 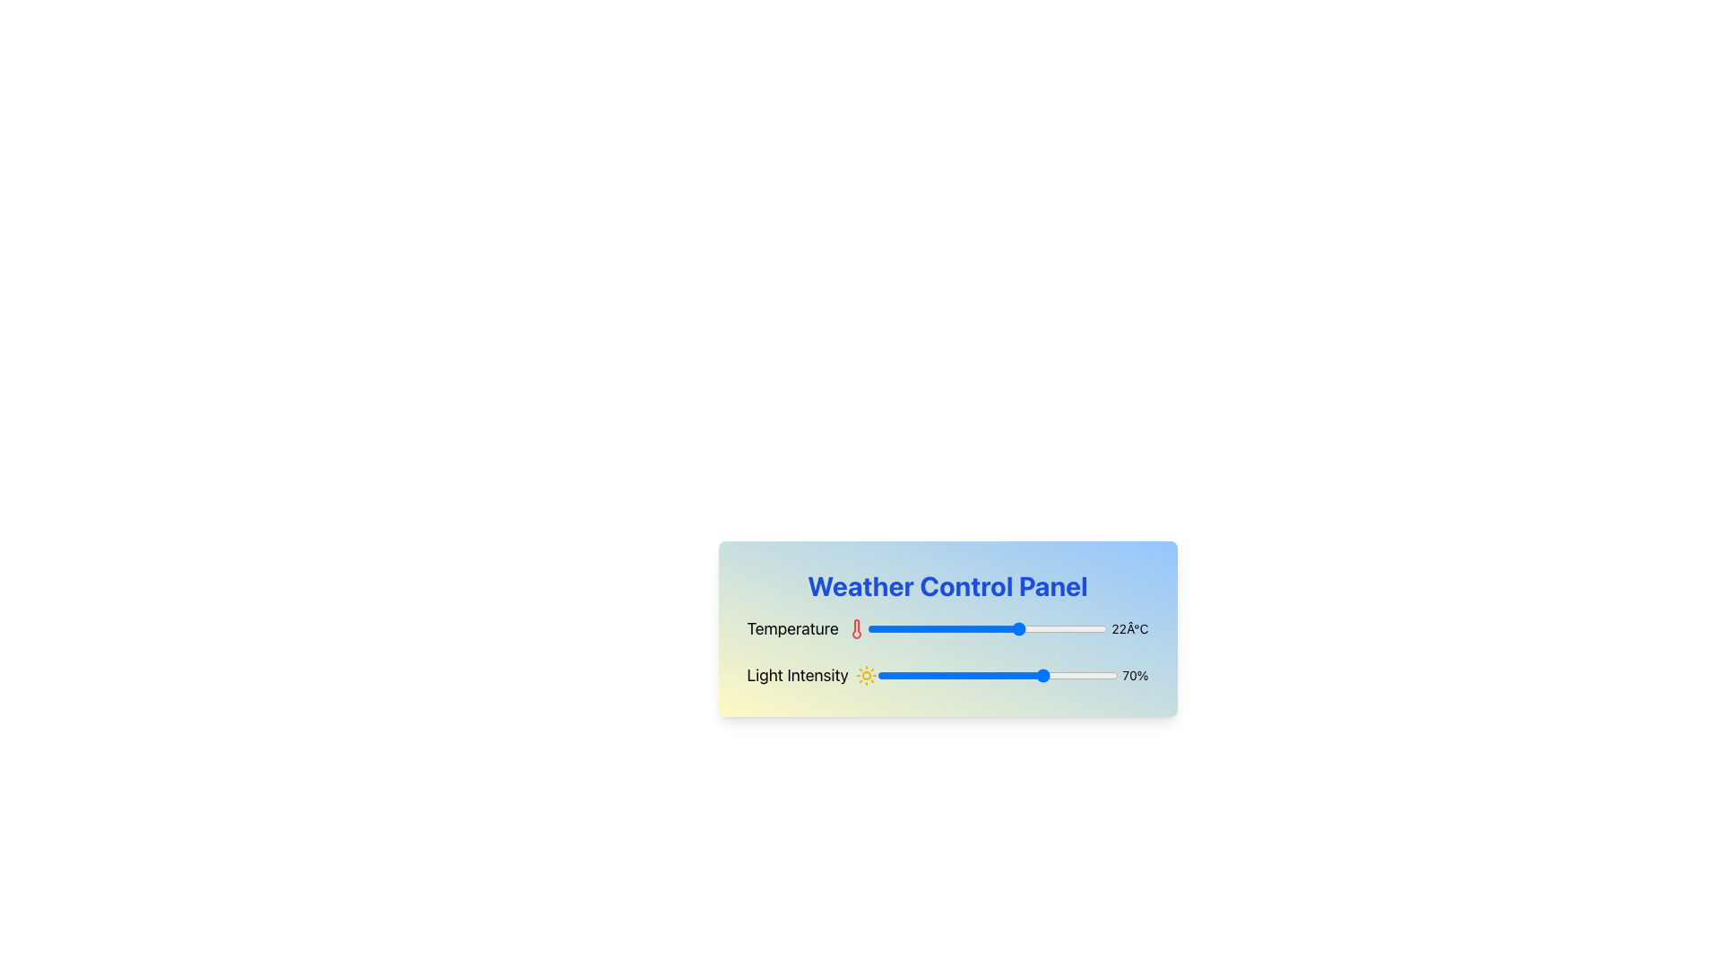 I want to click on light intensity, so click(x=915, y=675).